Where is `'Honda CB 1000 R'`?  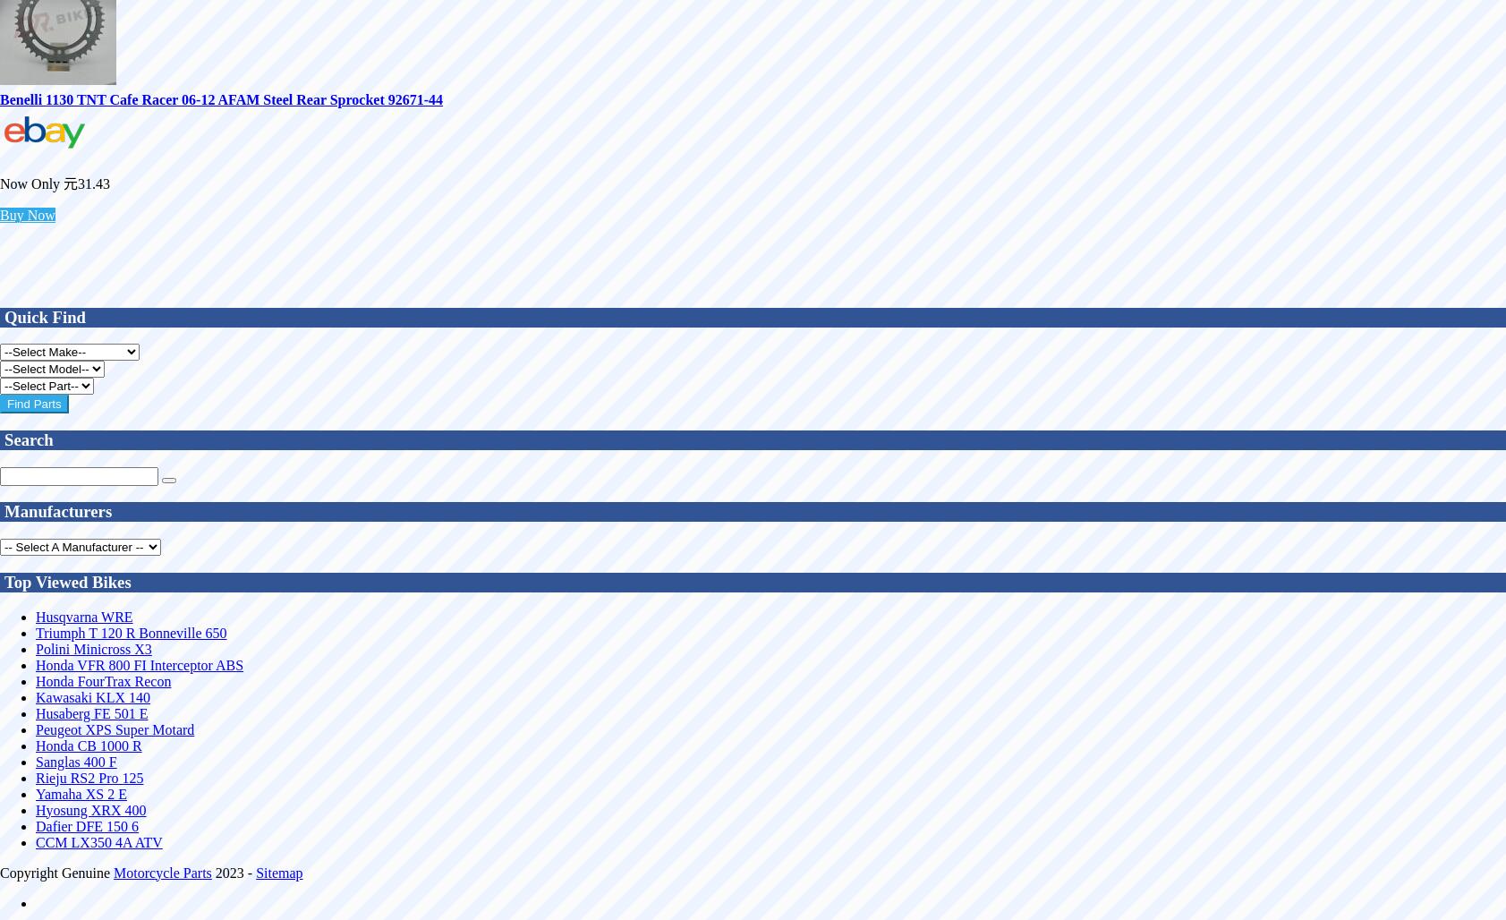
'Honda CB 1000 R' is located at coordinates (87, 745).